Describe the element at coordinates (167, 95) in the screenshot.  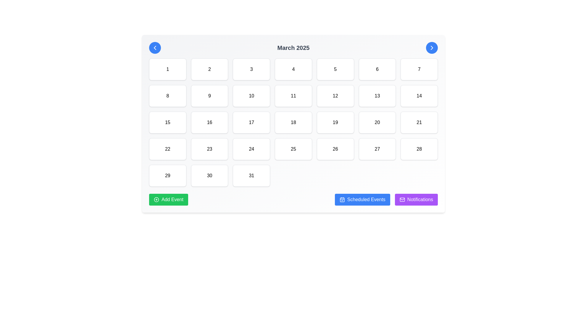
I see `the calendar grid cell representing the date 8th of March 2025, located in the second row, first column of the calendar interface` at that location.